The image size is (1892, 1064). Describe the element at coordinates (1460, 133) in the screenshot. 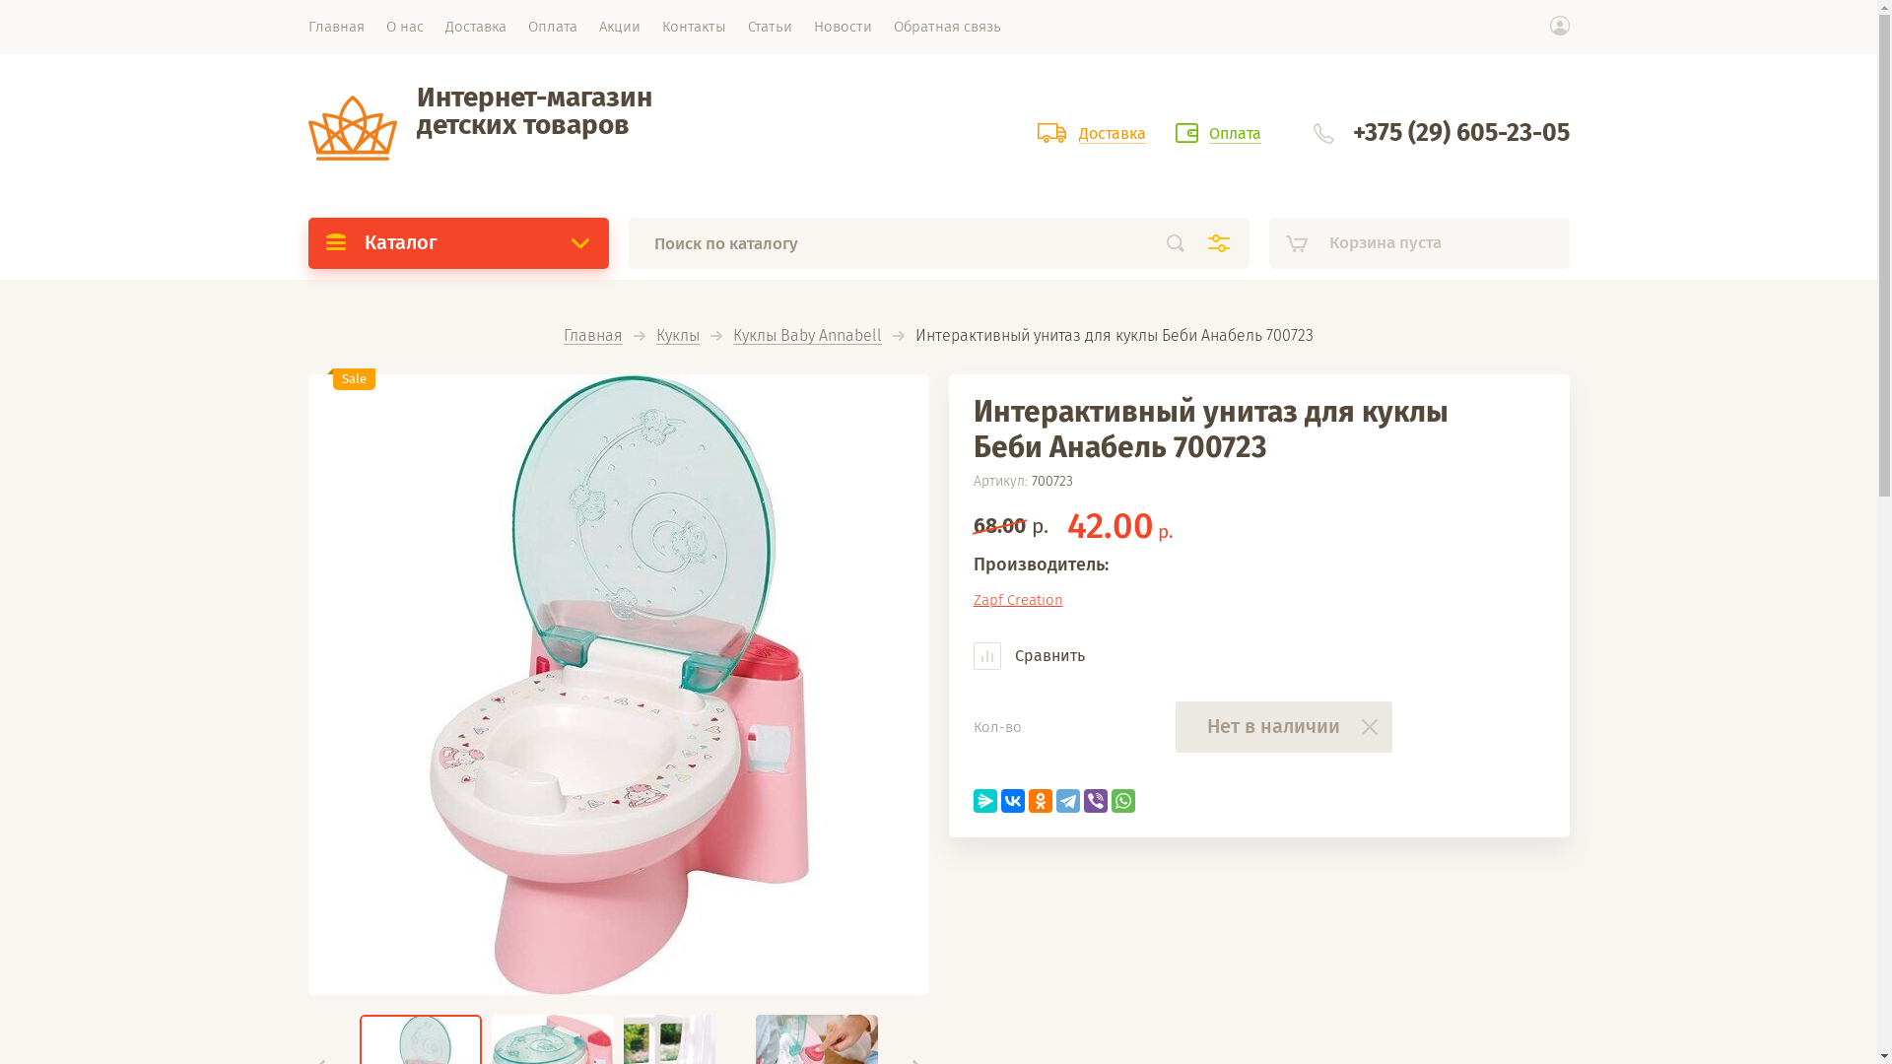

I see `'+375 (29) 605-23-05'` at that location.